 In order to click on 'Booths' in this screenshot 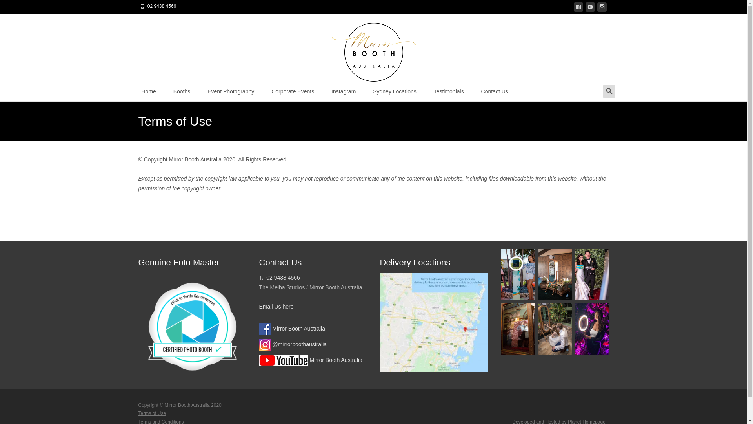, I will do `click(182, 91)`.